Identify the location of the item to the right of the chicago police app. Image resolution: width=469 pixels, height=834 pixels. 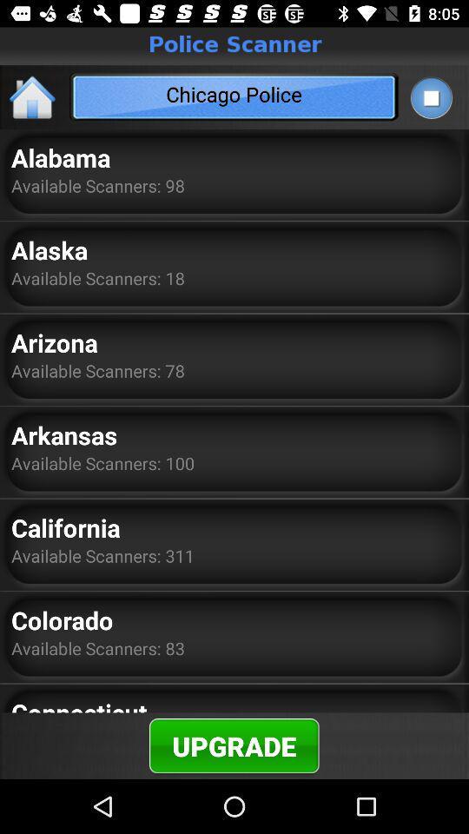
(430, 97).